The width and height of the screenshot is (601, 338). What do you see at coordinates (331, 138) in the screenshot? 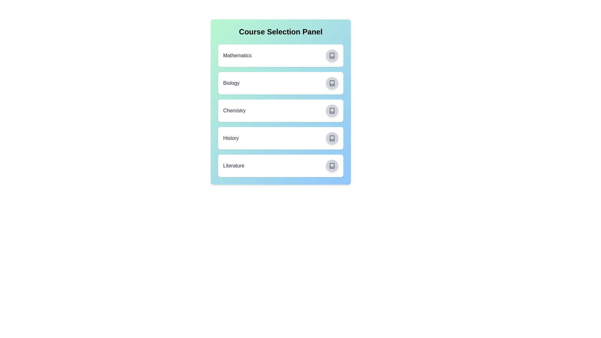
I see `the course History by clicking its associated button` at bounding box center [331, 138].